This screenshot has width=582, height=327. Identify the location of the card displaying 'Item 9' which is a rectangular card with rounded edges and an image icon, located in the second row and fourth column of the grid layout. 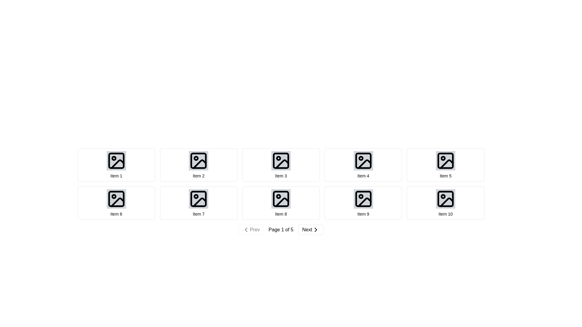
(363, 203).